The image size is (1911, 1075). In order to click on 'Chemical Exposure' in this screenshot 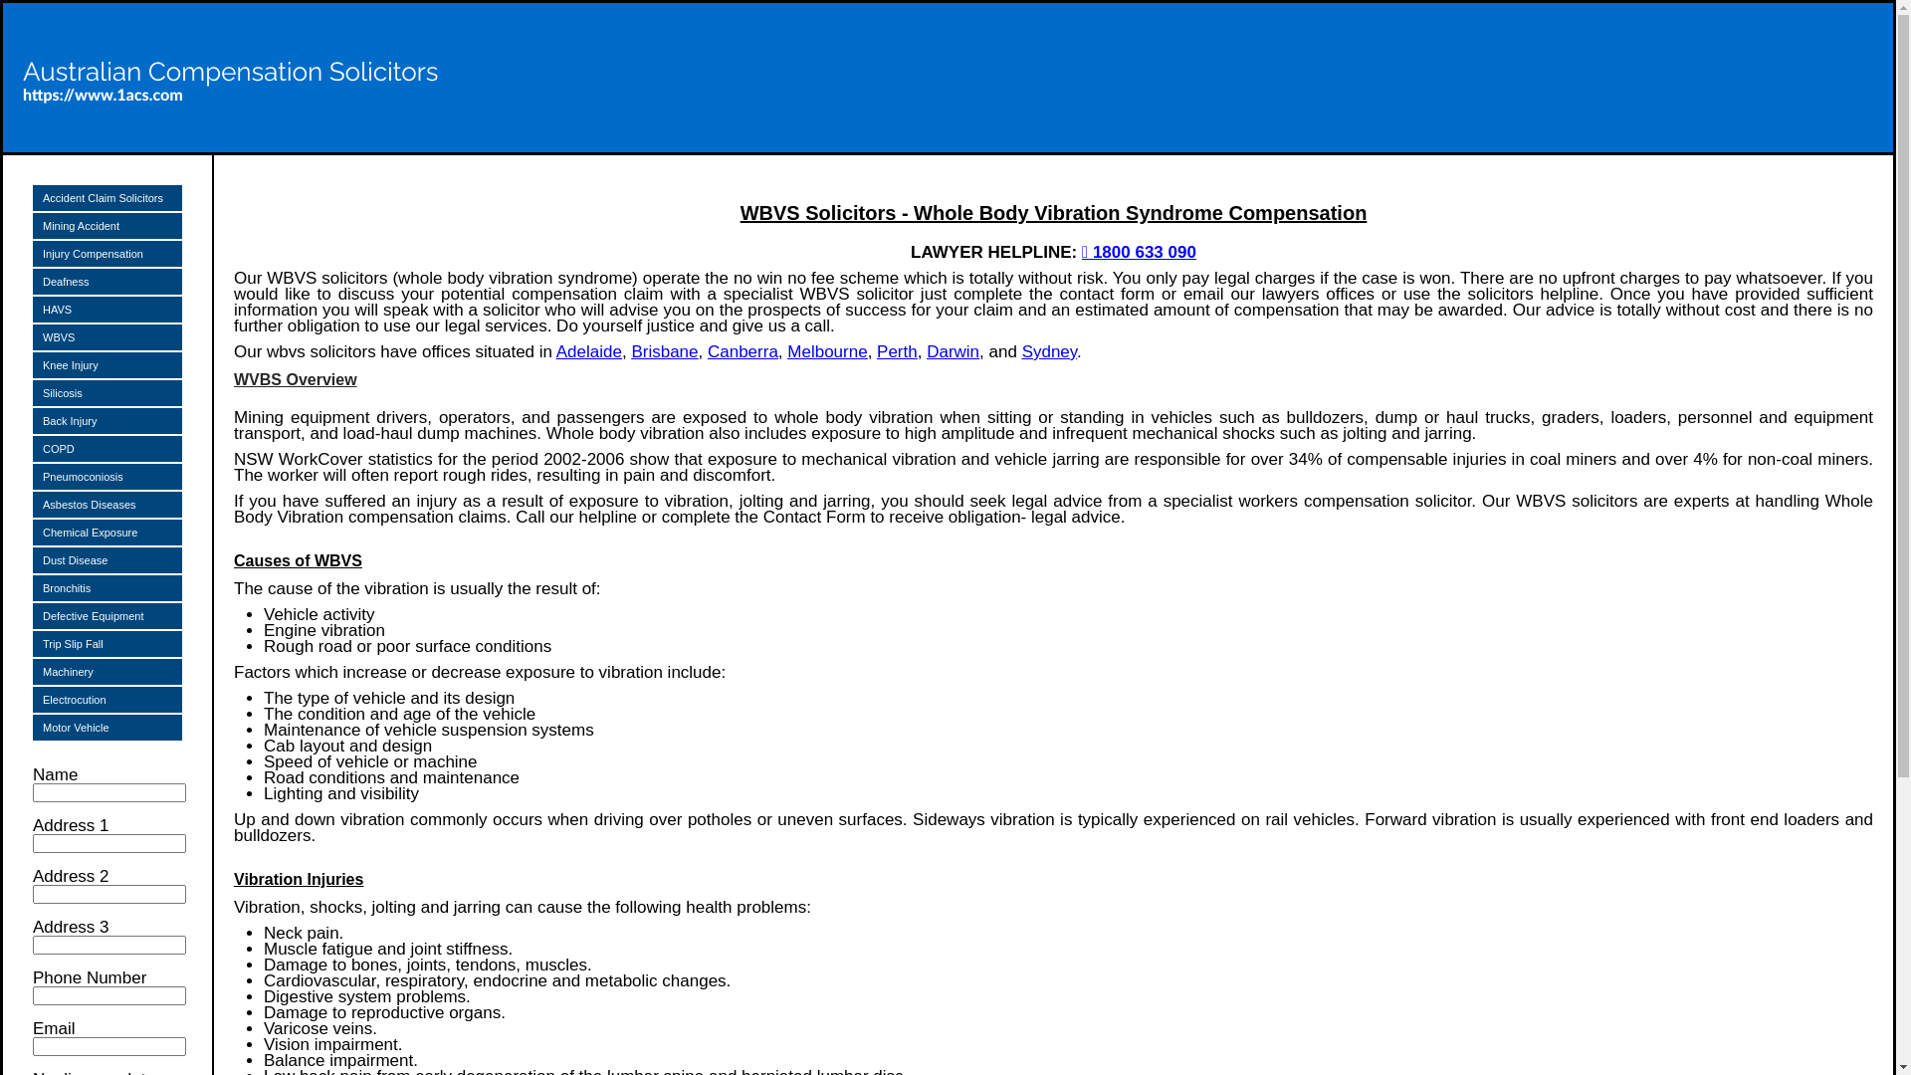, I will do `click(106, 532)`.